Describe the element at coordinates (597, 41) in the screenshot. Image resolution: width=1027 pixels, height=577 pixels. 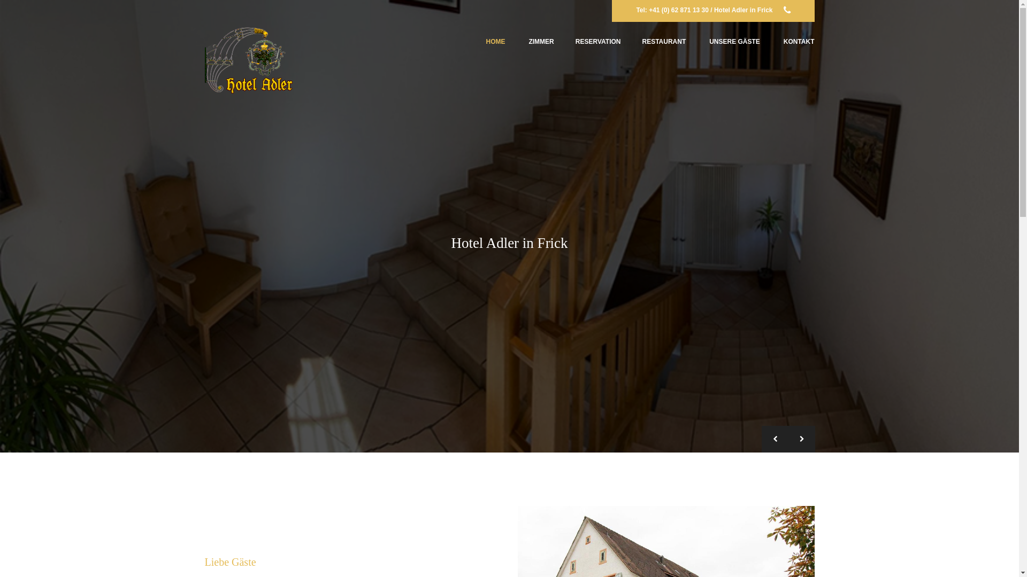
I see `'RESERVATION'` at that location.